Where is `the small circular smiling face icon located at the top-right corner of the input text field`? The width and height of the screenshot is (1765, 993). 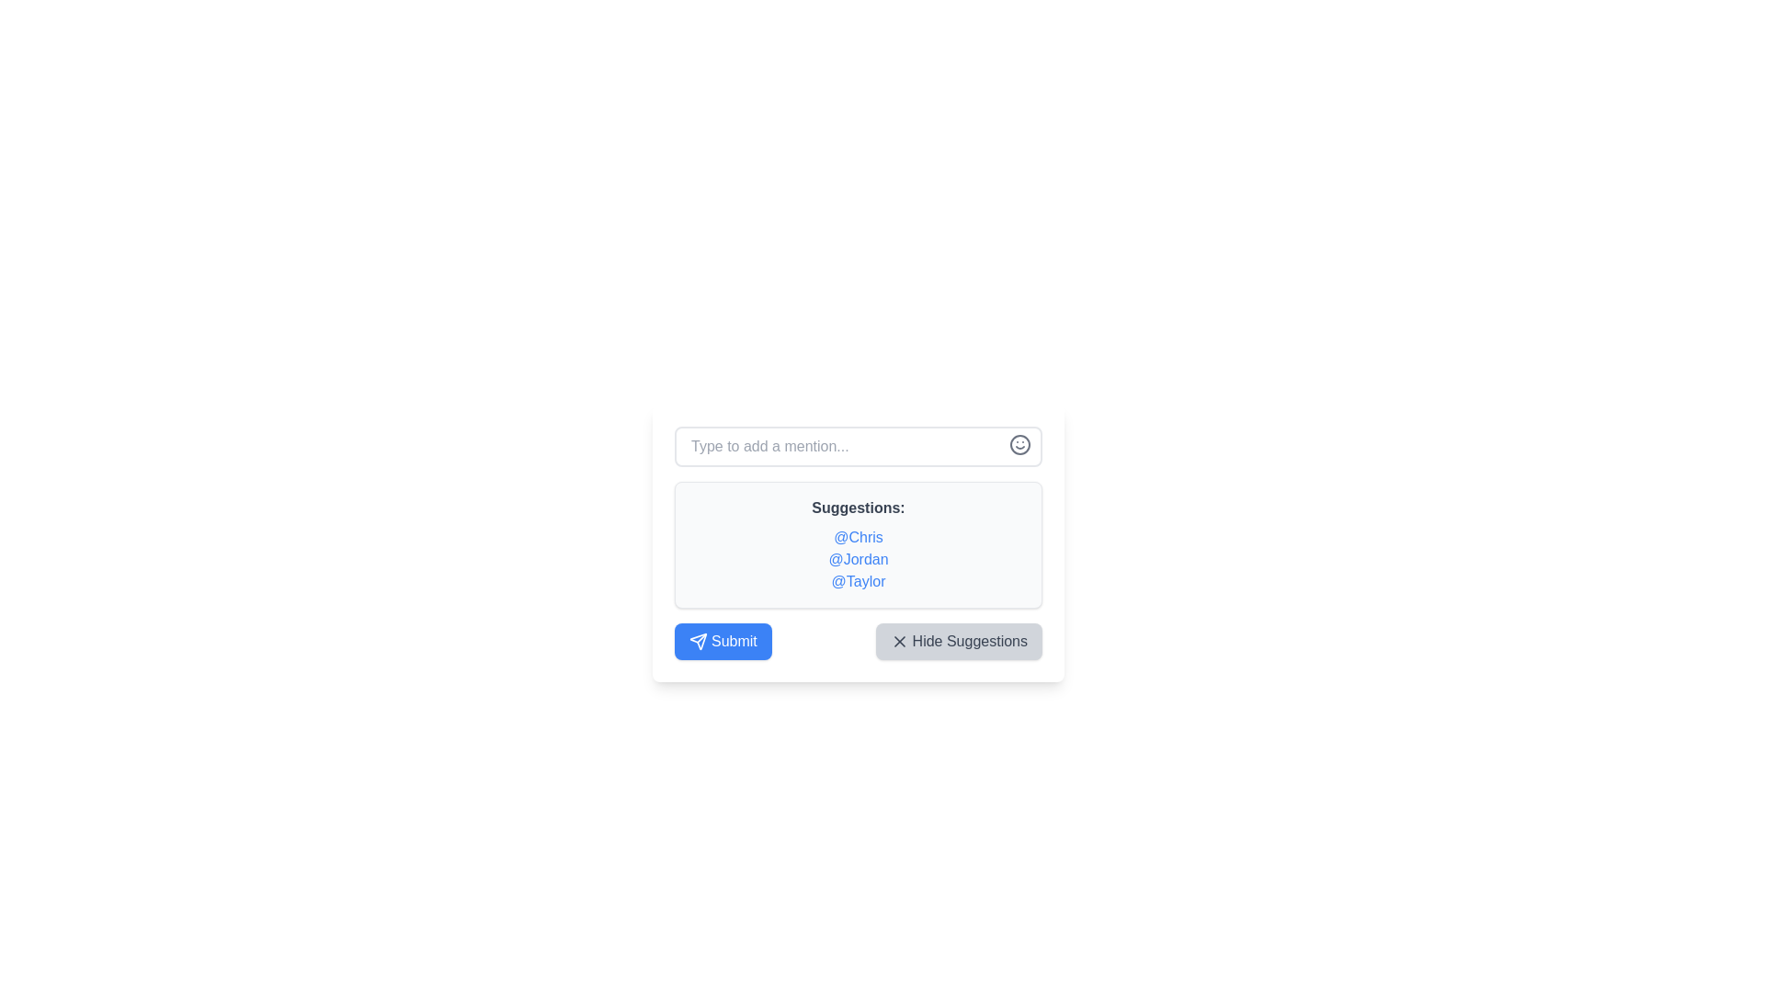
the small circular smiling face icon located at the top-right corner of the input text field is located at coordinates (1019, 444).